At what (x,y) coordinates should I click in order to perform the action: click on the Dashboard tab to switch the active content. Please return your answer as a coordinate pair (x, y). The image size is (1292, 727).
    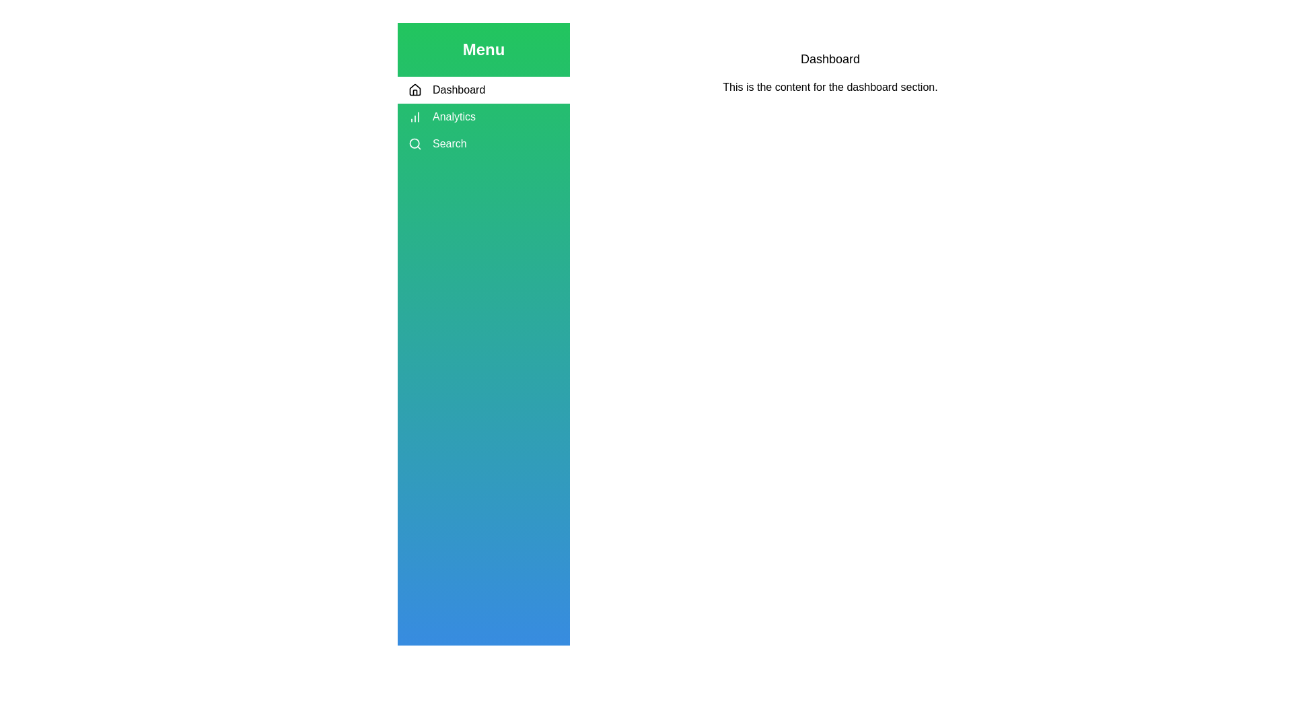
    Looking at the image, I should click on (484, 90).